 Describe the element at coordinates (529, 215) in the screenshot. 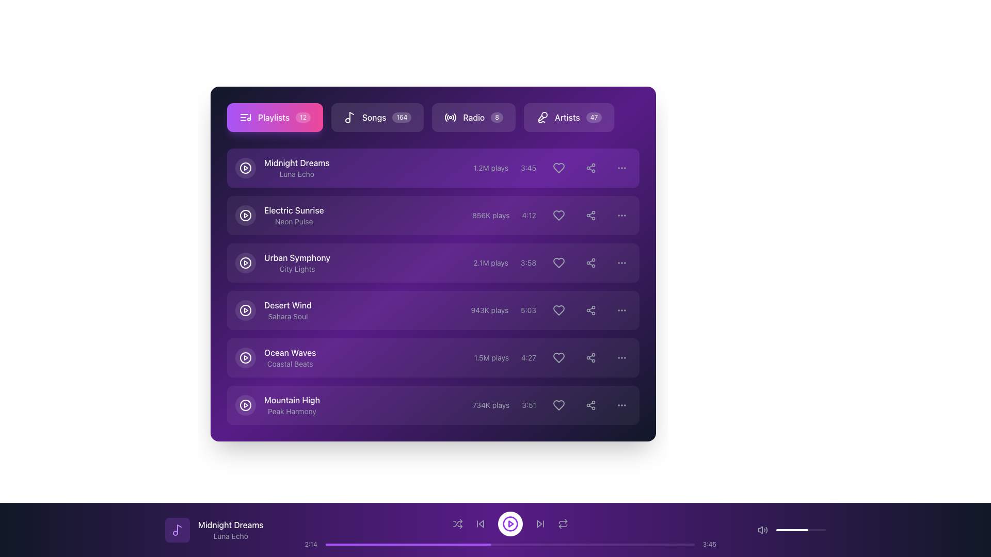

I see `the text label indicating the duration of a song or audio track, which is located to the right of '856K plays' in the second row of the playlist` at that location.